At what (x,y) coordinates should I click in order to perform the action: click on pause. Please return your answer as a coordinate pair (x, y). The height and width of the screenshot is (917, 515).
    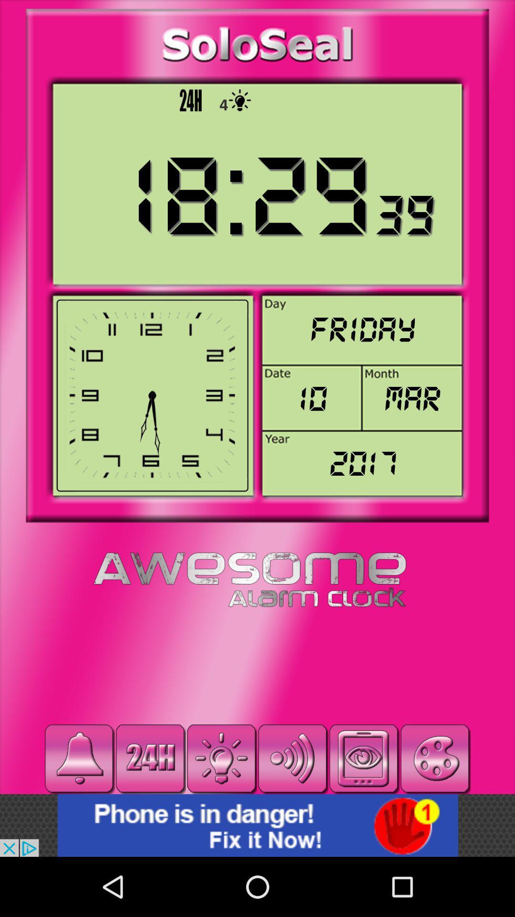
    Looking at the image, I should click on (364, 758).